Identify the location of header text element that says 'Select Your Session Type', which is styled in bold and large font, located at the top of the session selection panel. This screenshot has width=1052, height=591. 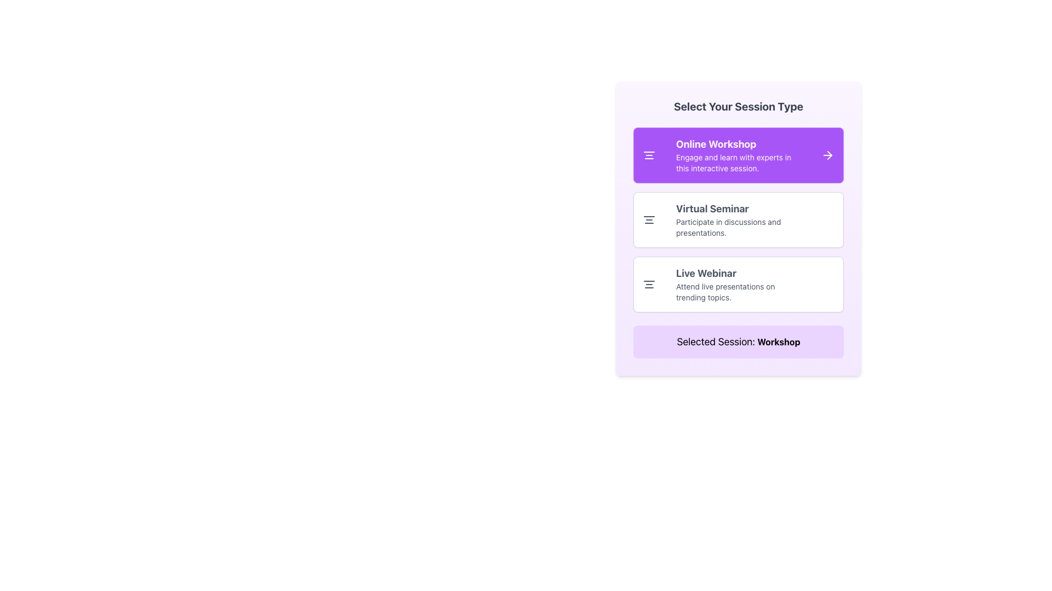
(739, 107).